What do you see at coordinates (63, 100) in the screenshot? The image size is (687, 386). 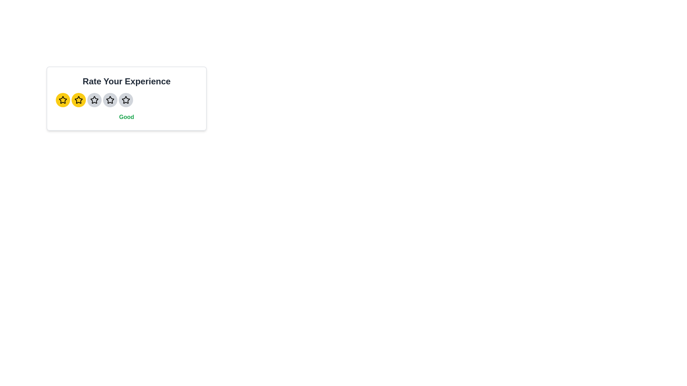 I see `the first star in the horizontal row of rating stars` at bounding box center [63, 100].